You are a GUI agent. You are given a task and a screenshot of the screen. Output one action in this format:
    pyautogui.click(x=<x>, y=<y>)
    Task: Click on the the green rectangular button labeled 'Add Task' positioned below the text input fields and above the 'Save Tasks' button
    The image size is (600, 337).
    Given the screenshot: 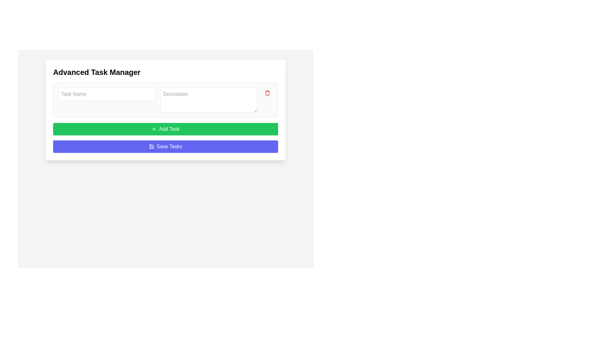 What is the action you would take?
    pyautogui.click(x=165, y=129)
    